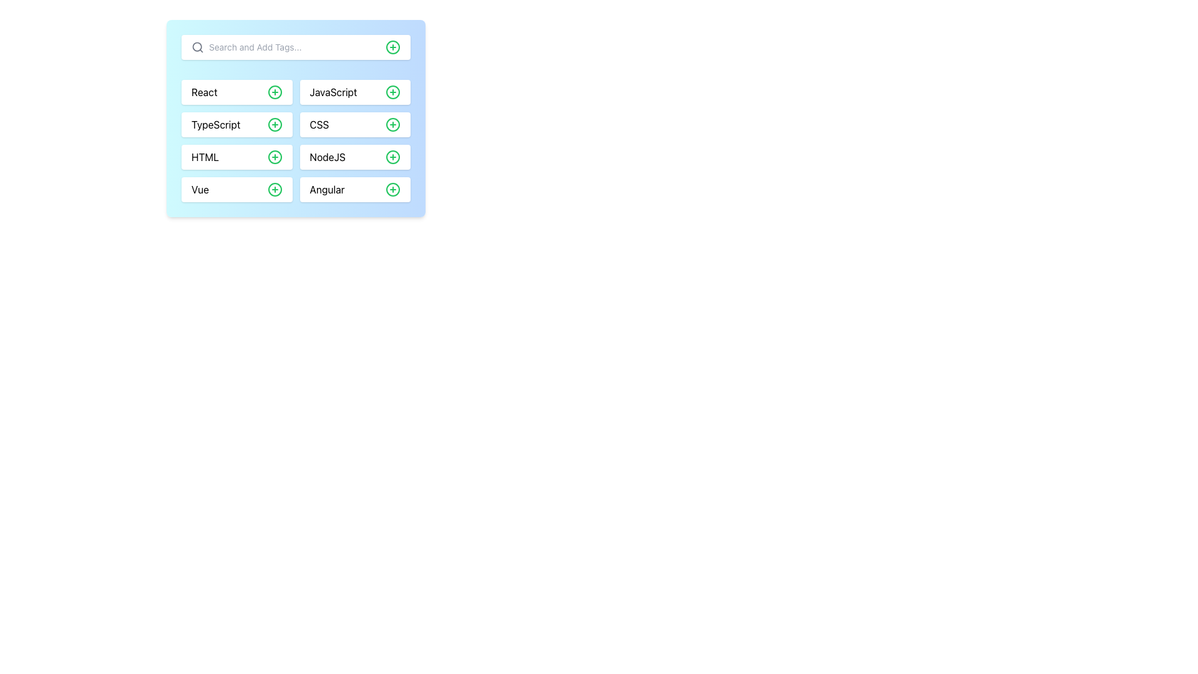  What do you see at coordinates (205, 156) in the screenshot?
I see `the 'HTML' tag button label located in the left-middle part of the interface, situated to the right of the 'TypeScript' button and to the left of the 'CSS' button` at bounding box center [205, 156].